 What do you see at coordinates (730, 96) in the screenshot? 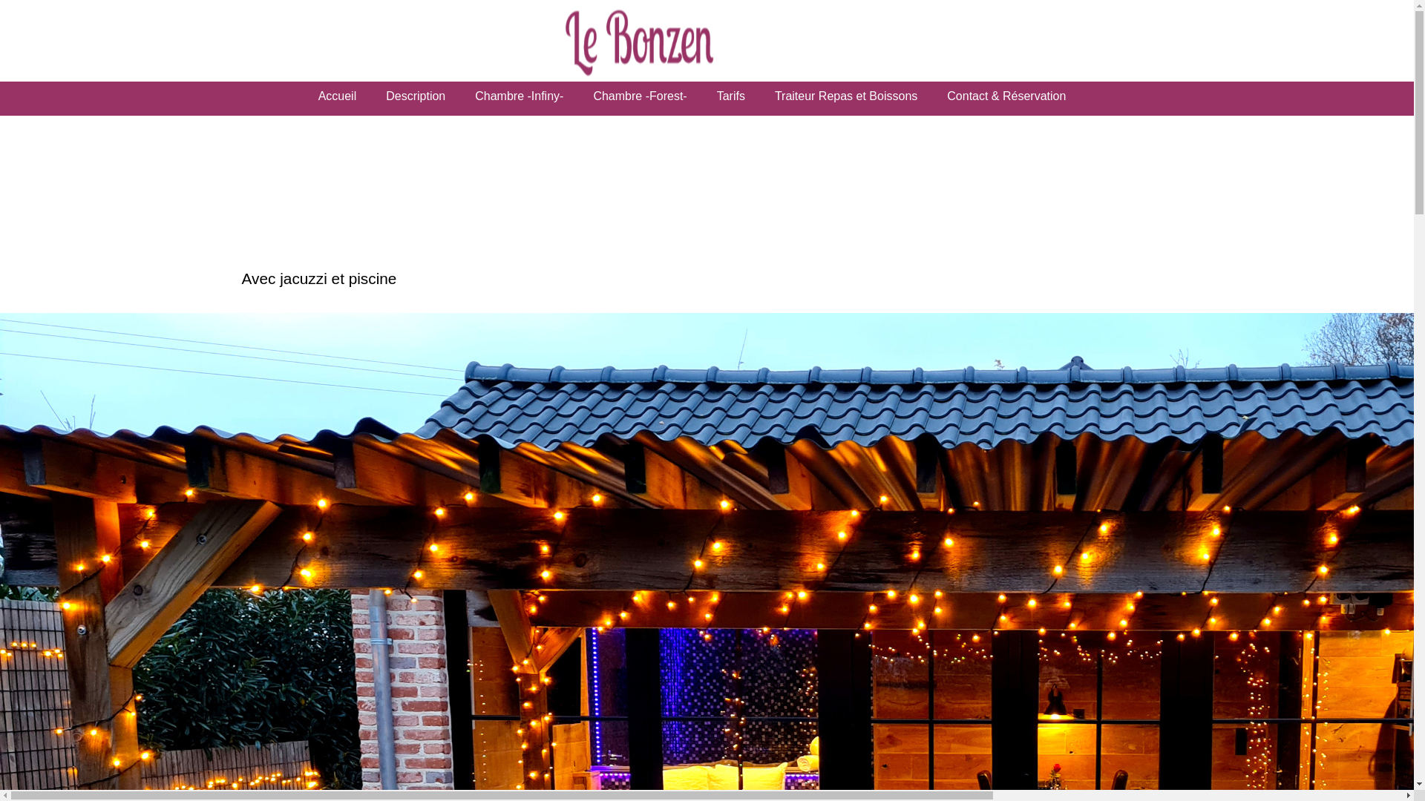
I see `'Tarifs'` at bounding box center [730, 96].